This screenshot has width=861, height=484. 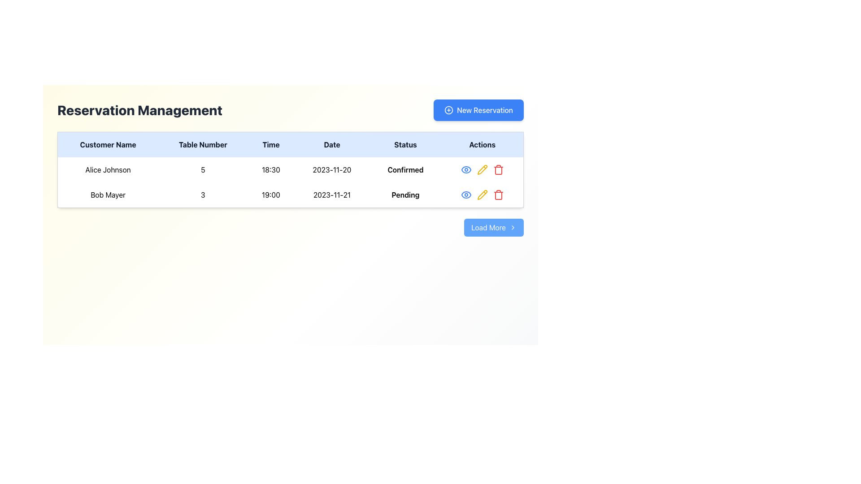 What do you see at coordinates (449, 110) in the screenshot?
I see `the circular '+' icon within the 'New Reservation' button located in the upper-right section of the interface to initiate a new reservation` at bounding box center [449, 110].